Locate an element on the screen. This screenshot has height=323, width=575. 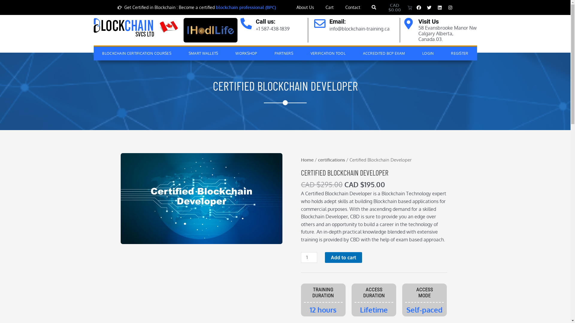
'Email:' is located at coordinates (329, 21).